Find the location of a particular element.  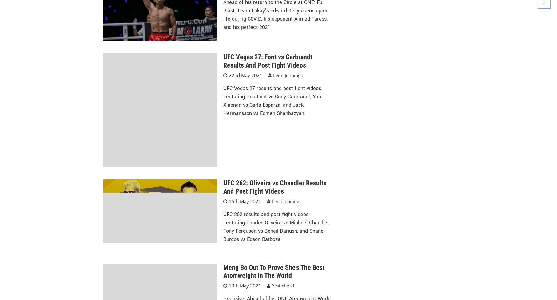

'Meng Bo Out To Prove She’s The Best Atomweight In The World' is located at coordinates (222, 271).